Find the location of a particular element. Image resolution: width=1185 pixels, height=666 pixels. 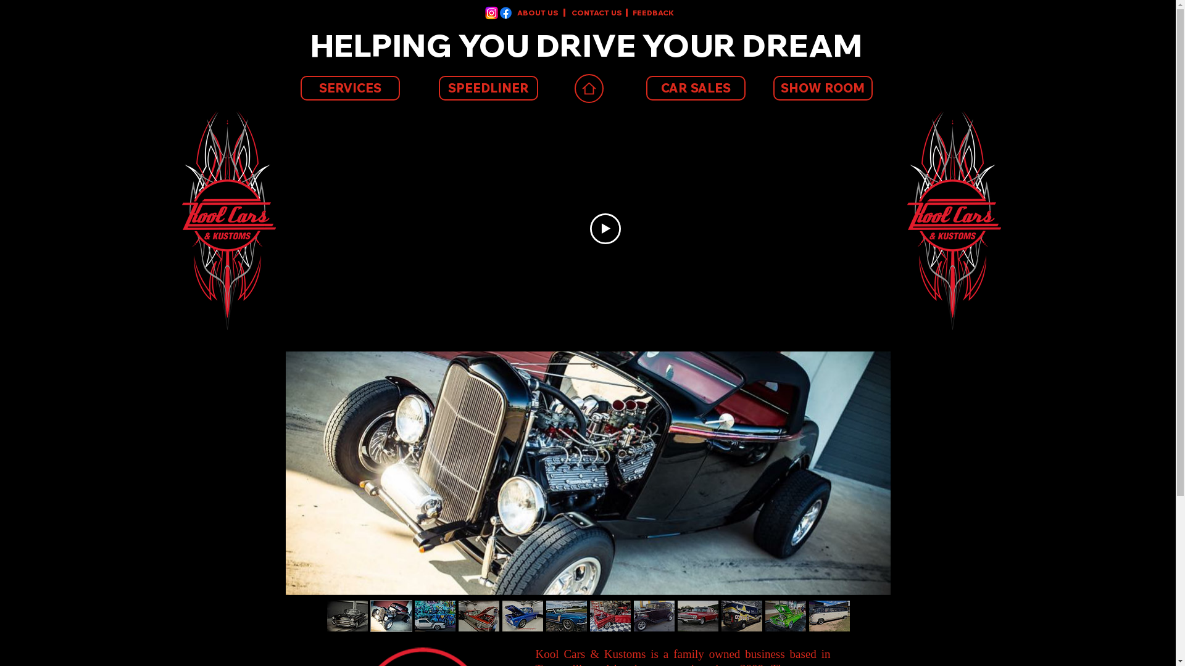

'SERVICES' is located at coordinates (349, 87).